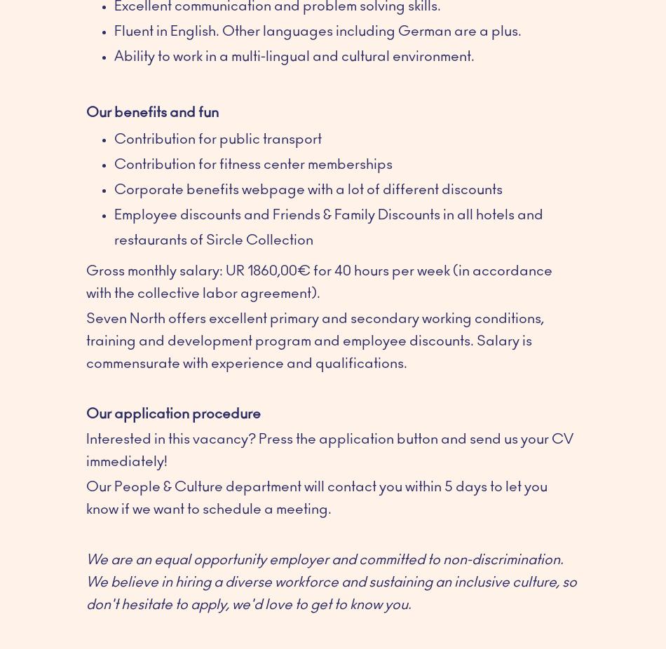 This screenshot has height=649, width=666. What do you see at coordinates (86, 281) in the screenshot?
I see `'Gross monthly salary: UR 1860,00€ for 40 hours per week (in accordance with the collective labor agreement).'` at bounding box center [86, 281].